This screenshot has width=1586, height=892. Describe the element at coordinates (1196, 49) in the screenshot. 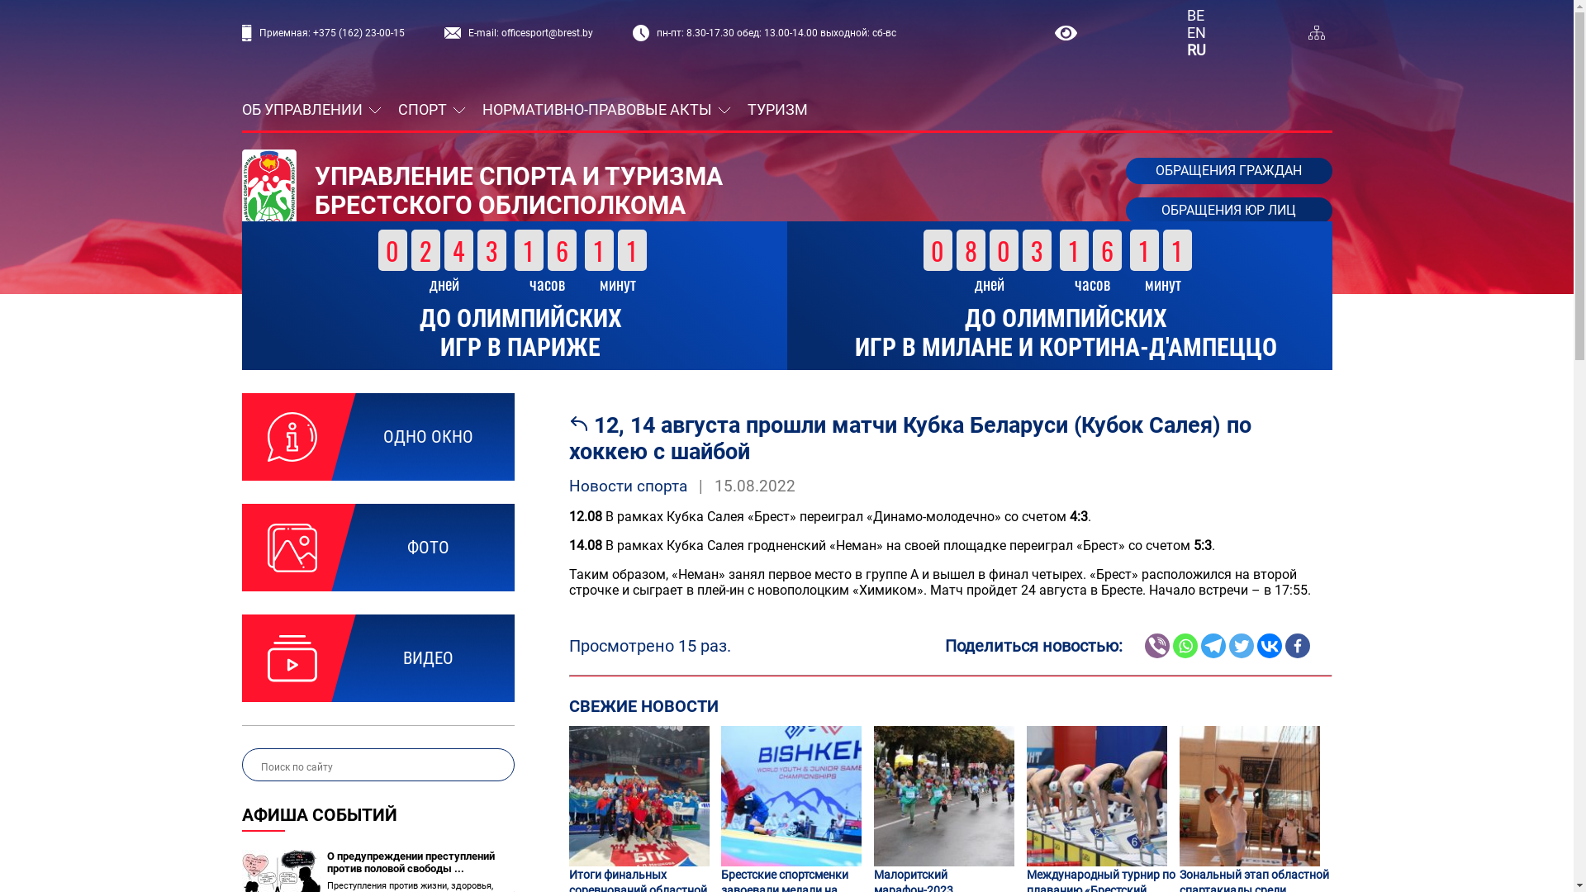

I see `'RU'` at that location.